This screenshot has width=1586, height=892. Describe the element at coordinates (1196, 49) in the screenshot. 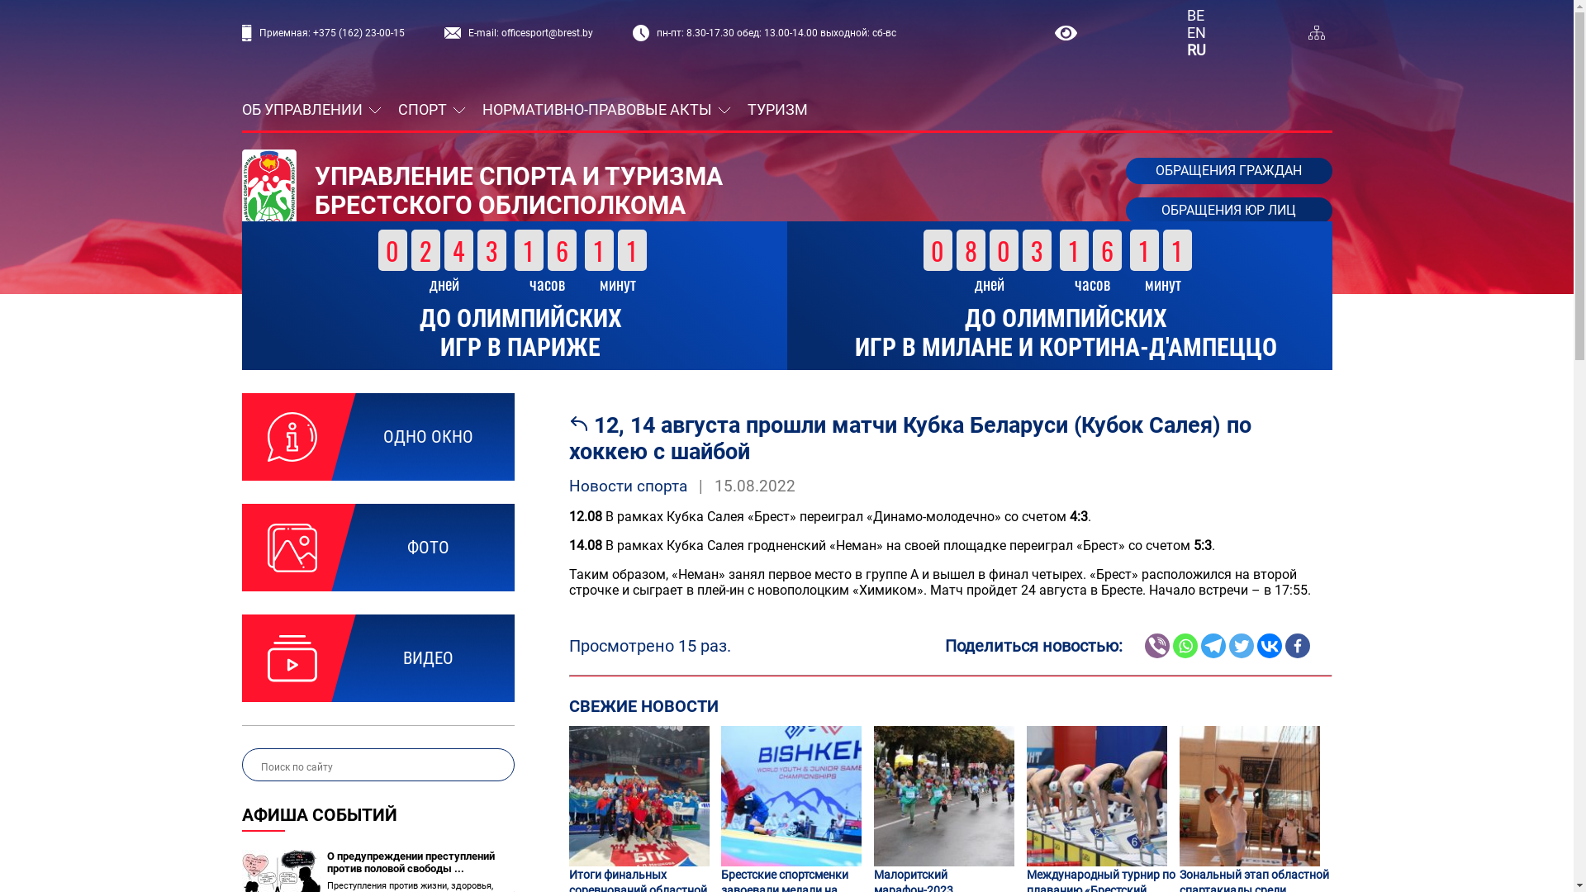

I see `'RU'` at that location.